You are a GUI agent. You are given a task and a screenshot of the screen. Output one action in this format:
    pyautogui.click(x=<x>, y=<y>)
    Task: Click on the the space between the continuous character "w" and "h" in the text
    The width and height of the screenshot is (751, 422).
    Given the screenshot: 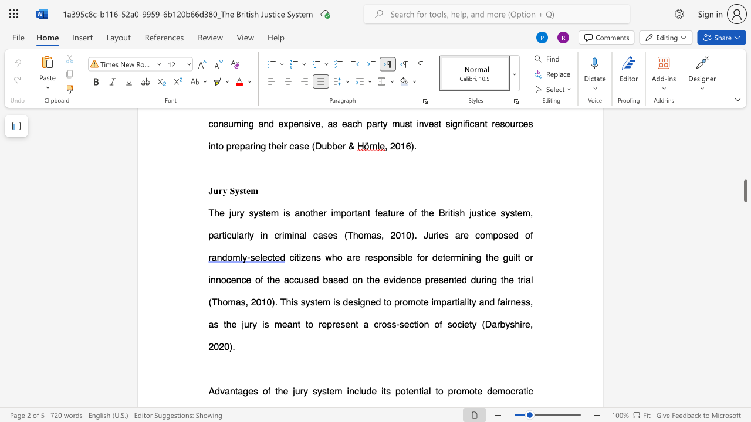 What is the action you would take?
    pyautogui.click(x=331, y=257)
    